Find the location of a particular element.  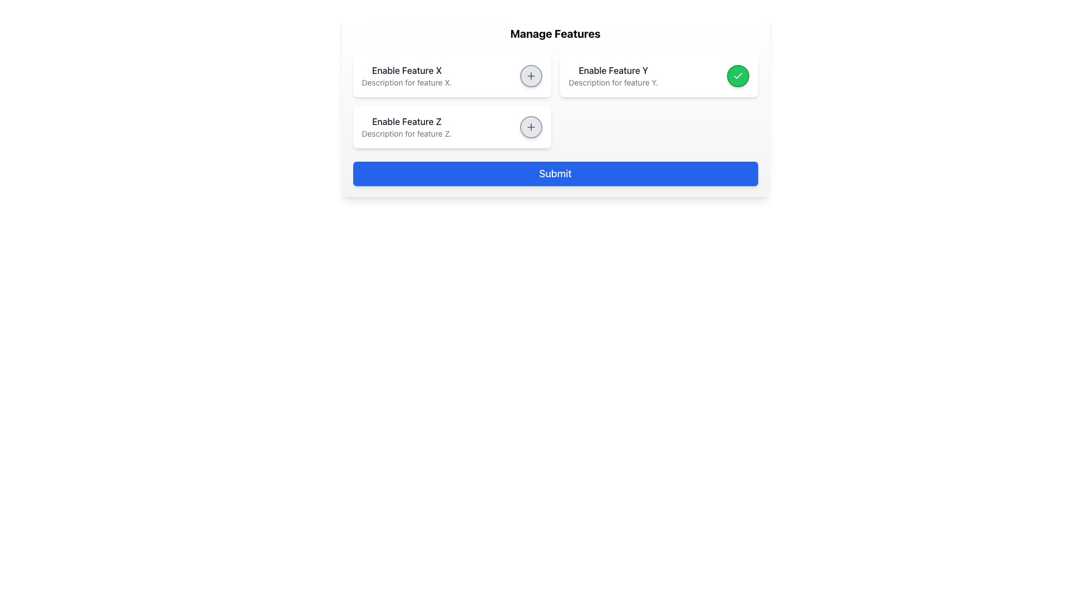

the display-only text block that provides descriptive information about 'Feature Z', located under 'Manage Features' between 'Enable Feature Y' and the blue 'Submit' button is located at coordinates (406, 126).